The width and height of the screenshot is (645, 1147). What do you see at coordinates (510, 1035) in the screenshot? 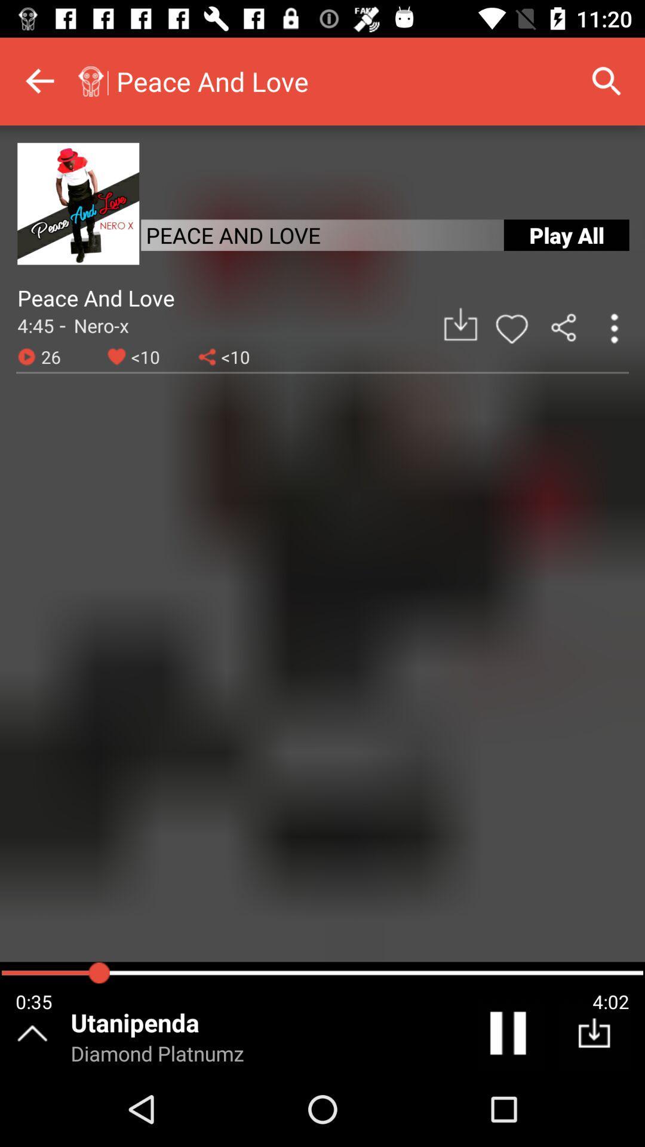
I see `the pause icon` at bounding box center [510, 1035].